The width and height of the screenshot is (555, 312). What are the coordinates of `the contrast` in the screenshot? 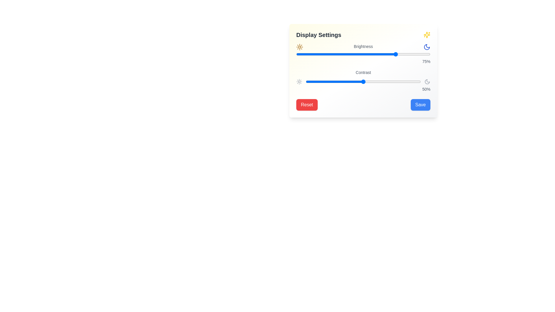 It's located at (409, 81).